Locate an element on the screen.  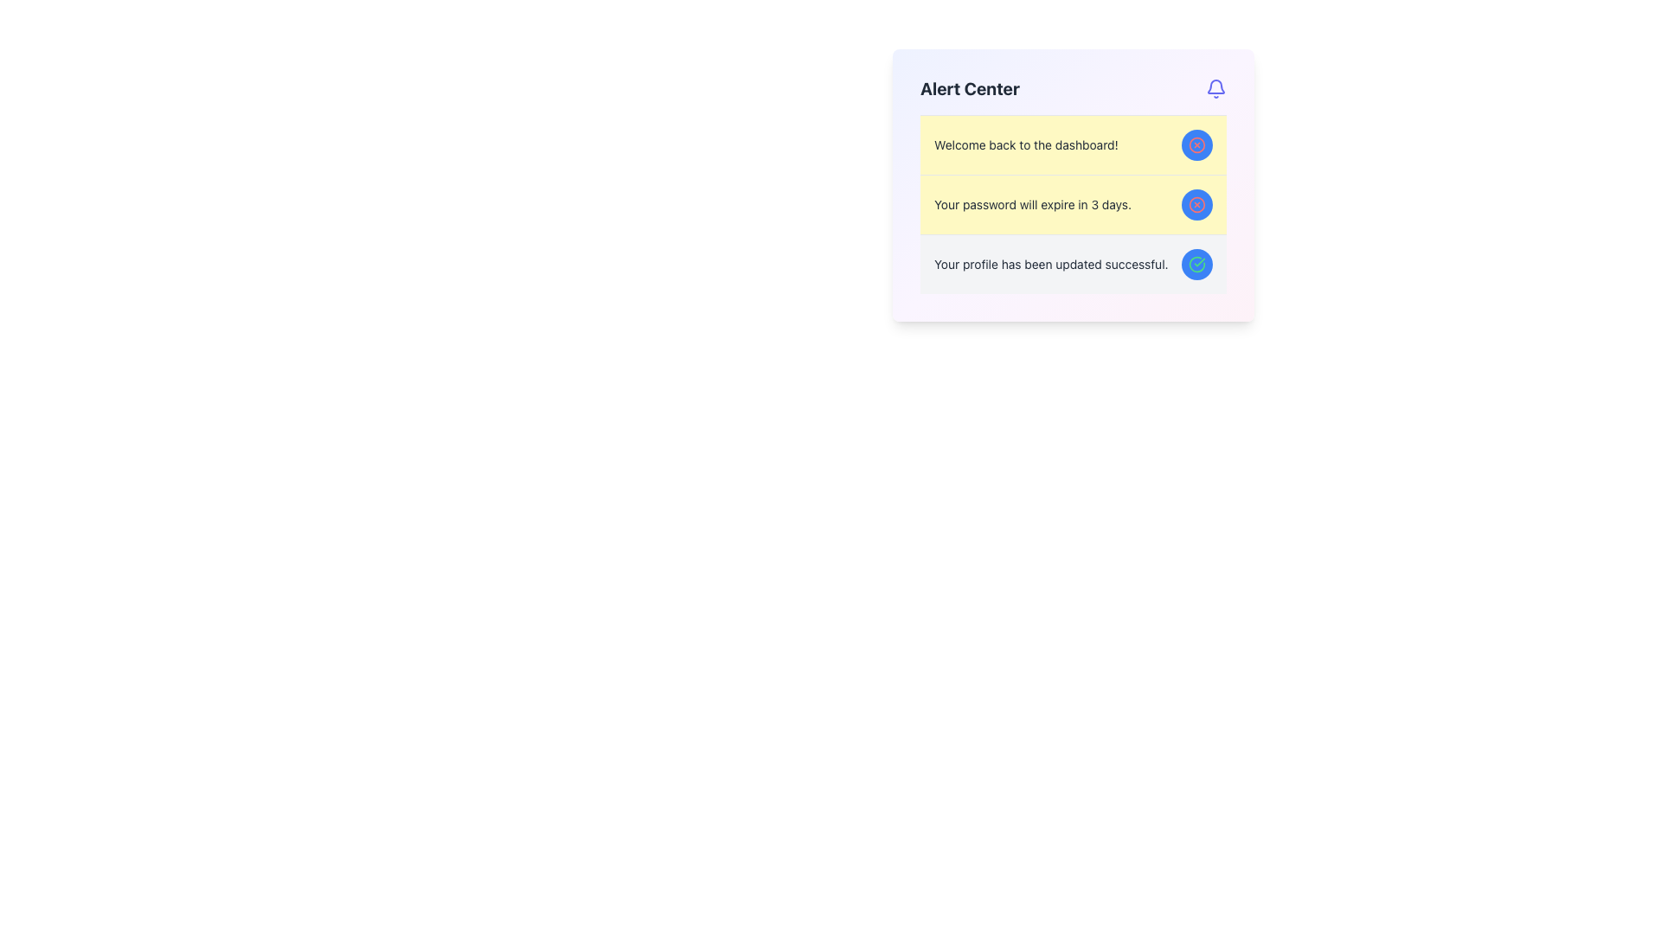
the circular graphical element located within the larger cross icon on the right side of the first alert message in the 'Alert Center' box is located at coordinates (1196, 144).